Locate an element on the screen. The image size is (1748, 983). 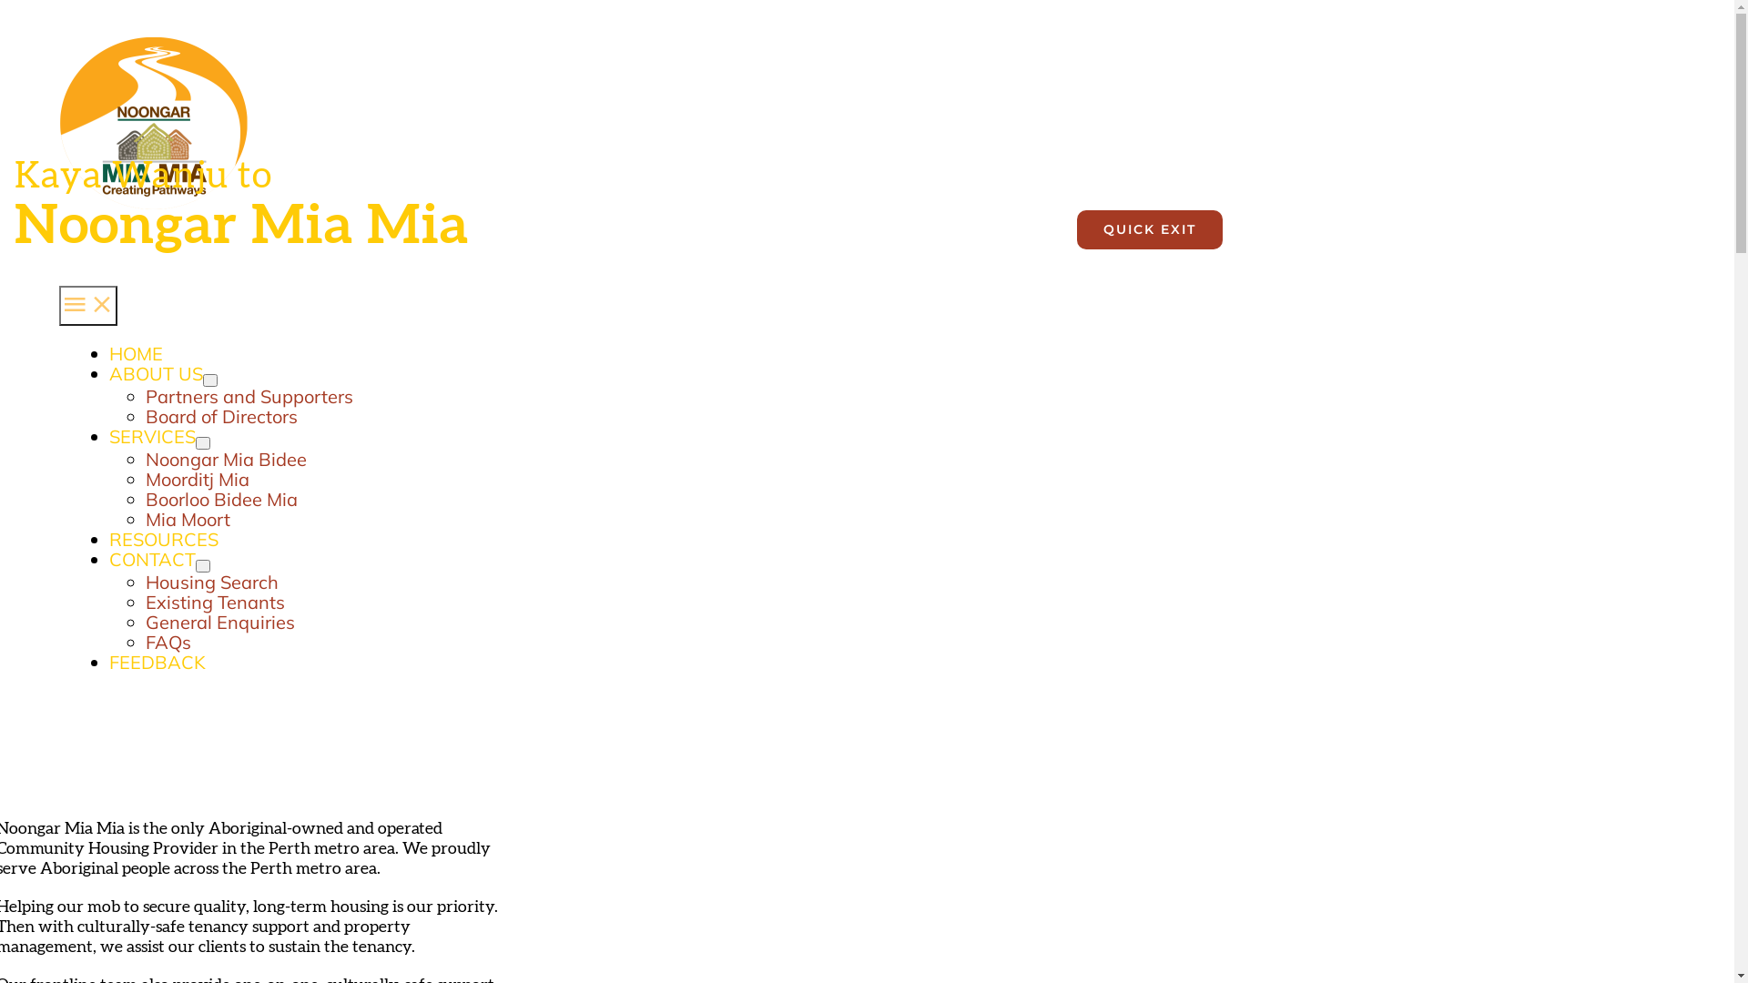
'Boorloo Bidee Mia' is located at coordinates (220, 499).